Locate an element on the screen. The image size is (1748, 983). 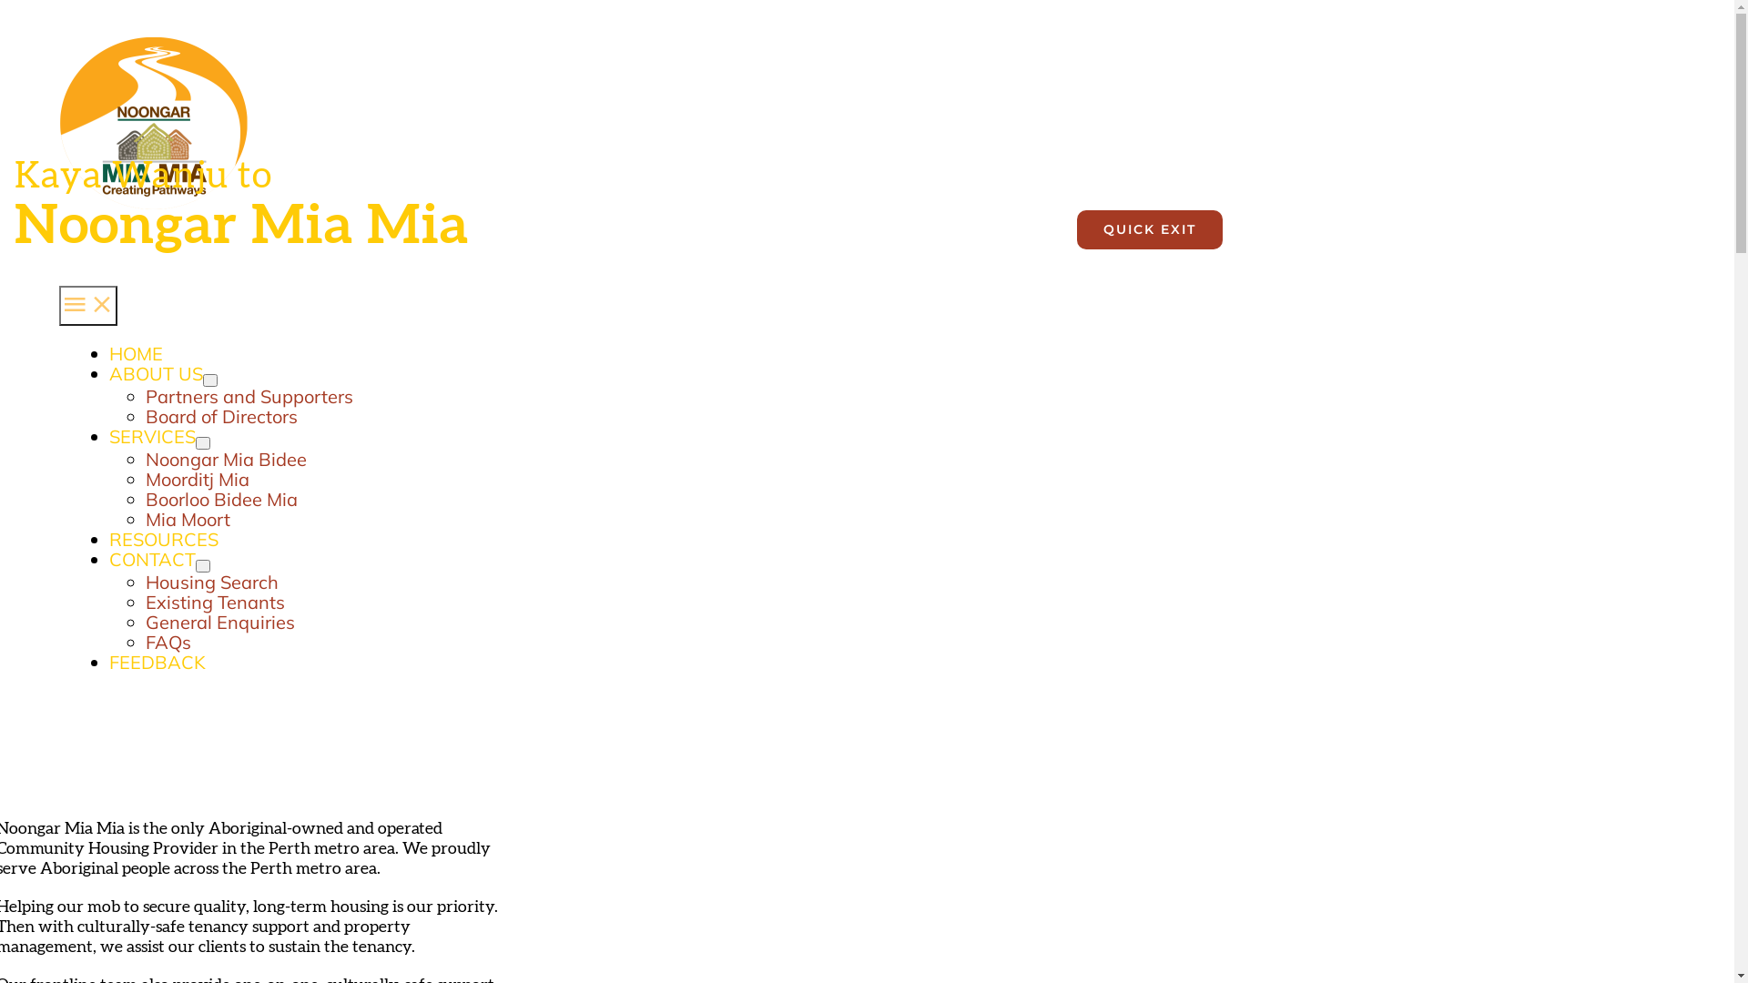
'Boorloo Bidee Mia' is located at coordinates (220, 499).